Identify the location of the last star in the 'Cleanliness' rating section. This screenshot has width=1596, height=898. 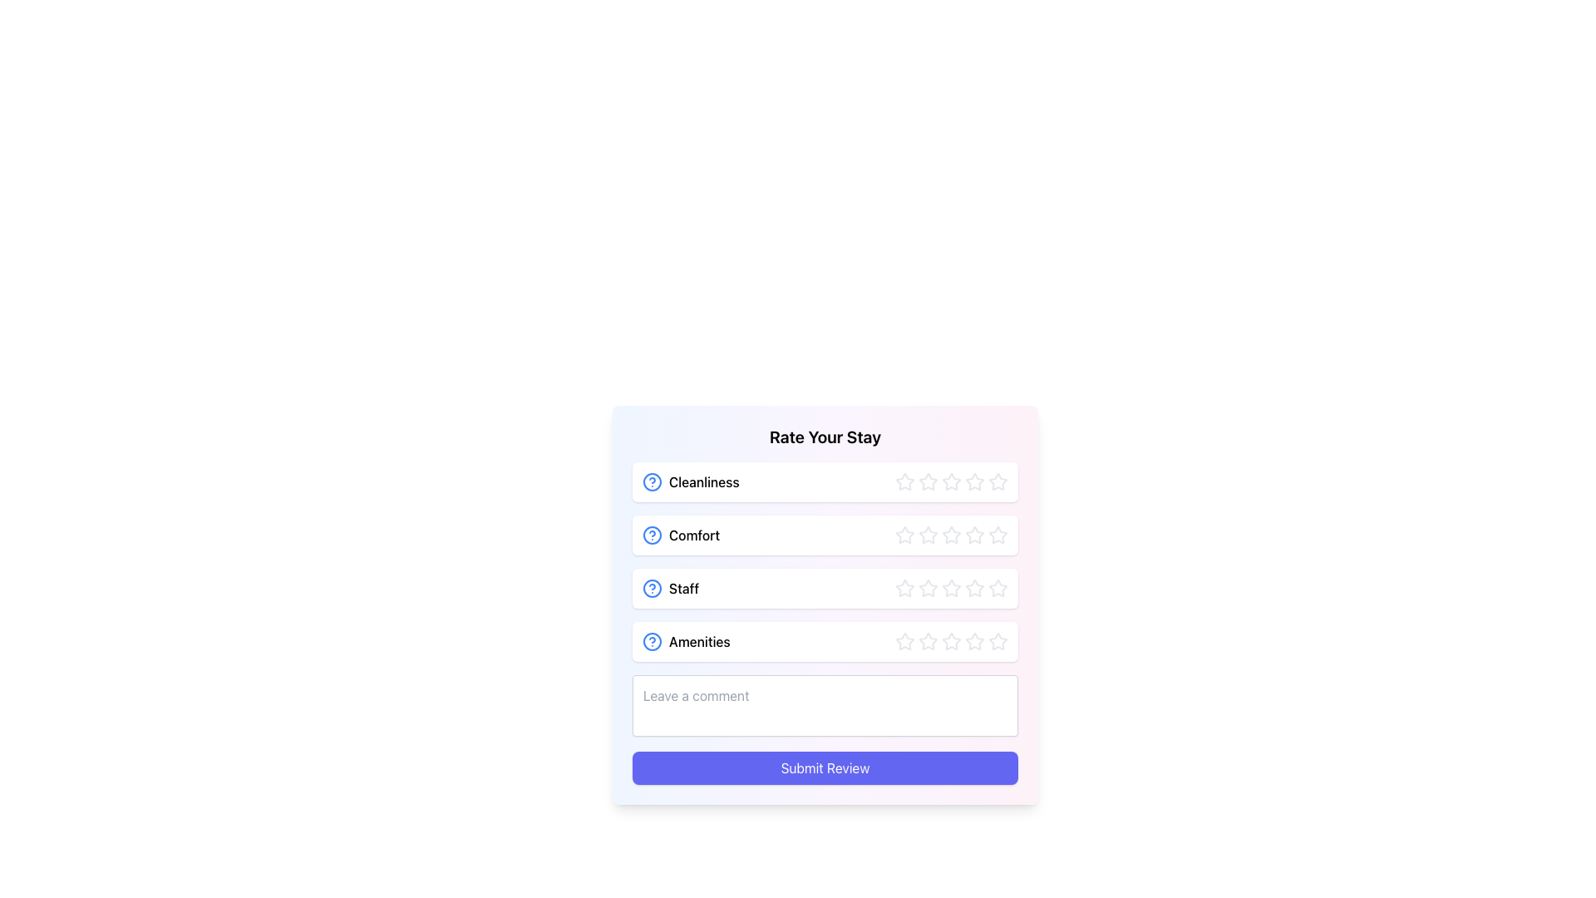
(974, 481).